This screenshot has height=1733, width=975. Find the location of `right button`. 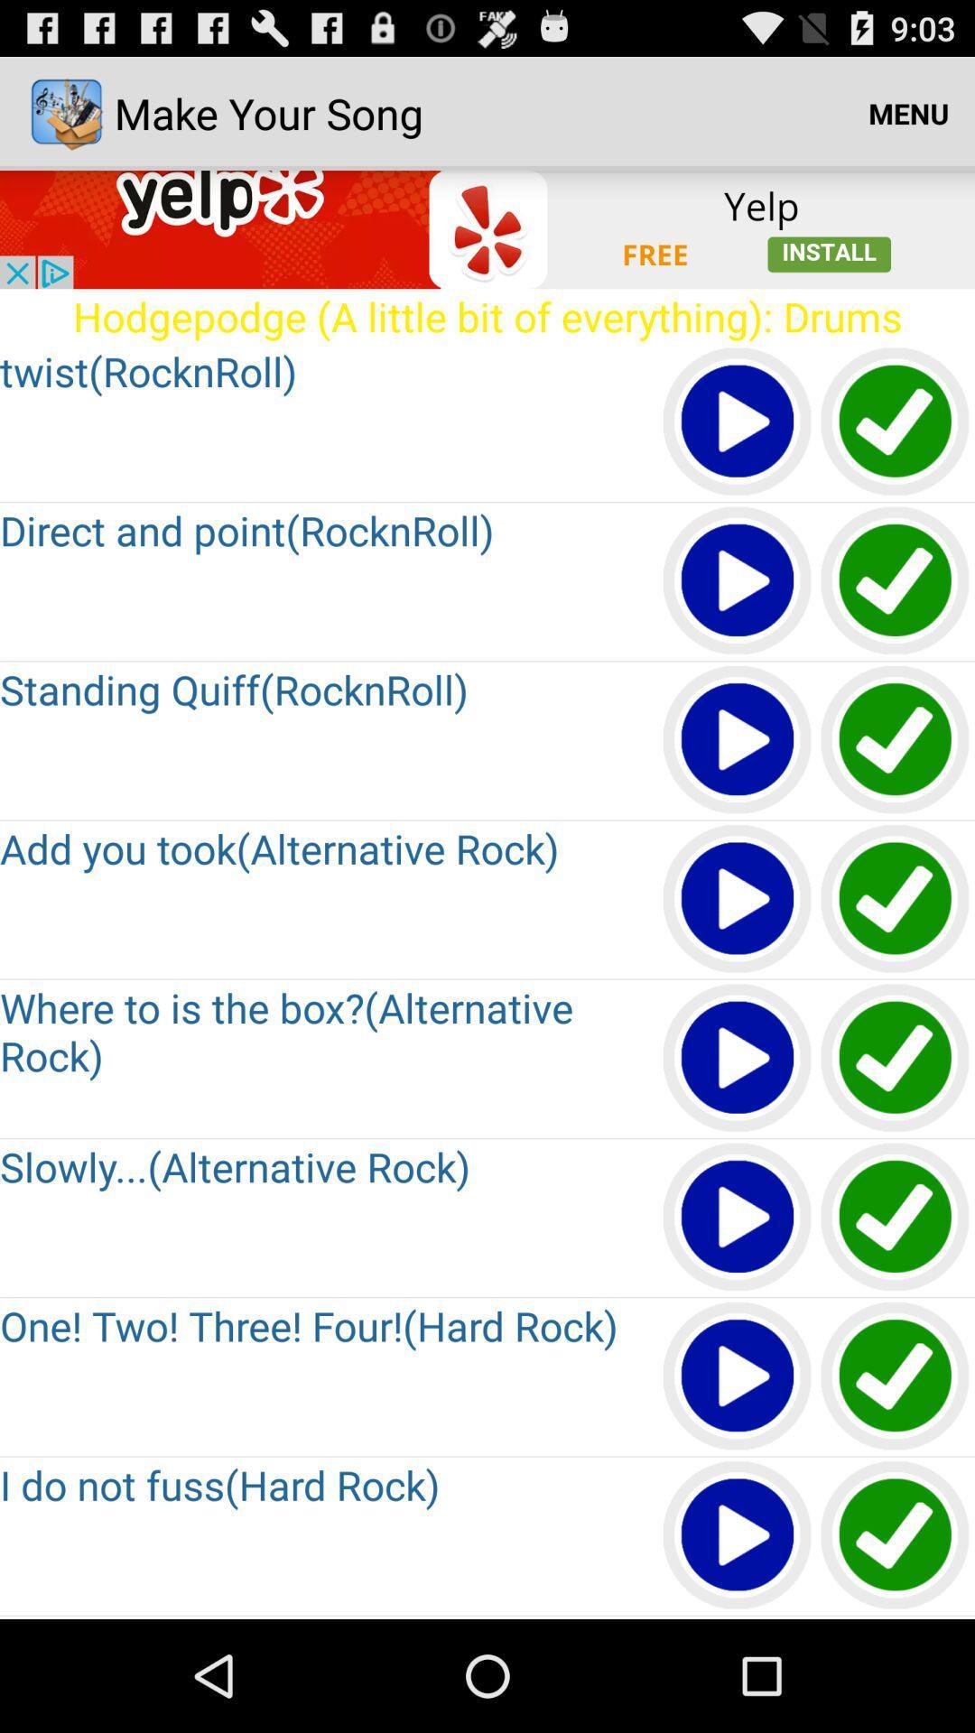

right button is located at coordinates (896, 900).